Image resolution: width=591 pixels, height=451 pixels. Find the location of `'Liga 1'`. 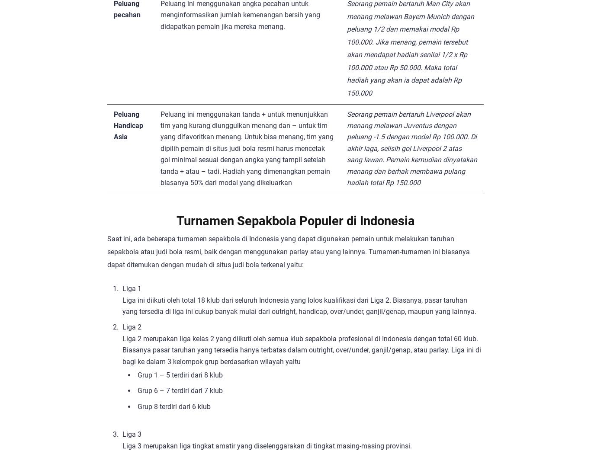

'Liga 1' is located at coordinates (132, 288).